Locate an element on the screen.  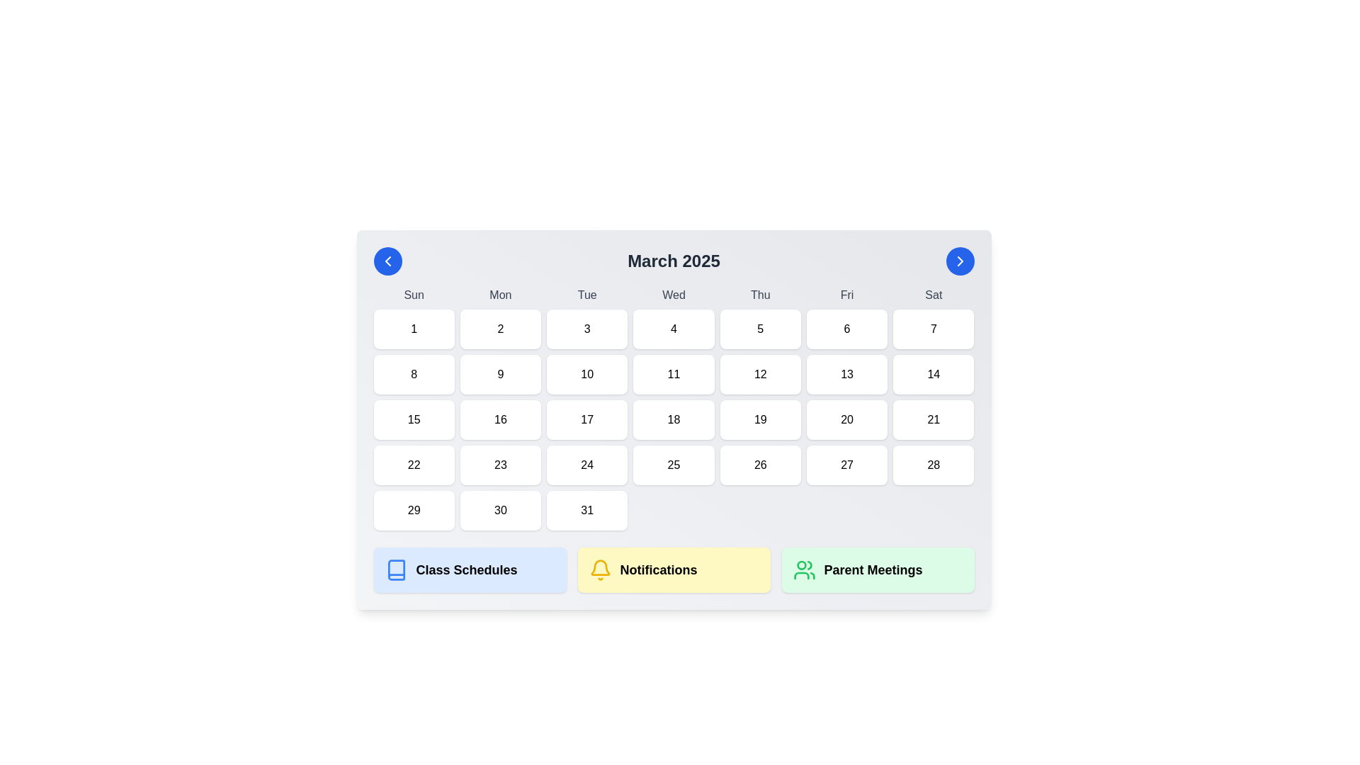
the calendar day tile displaying the number '4' located in the first row and fourth column of the grid layout under the label 'Wed' is located at coordinates (673, 329).